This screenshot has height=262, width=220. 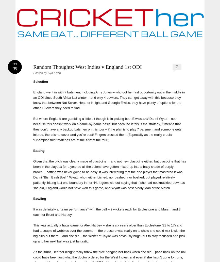 What do you see at coordinates (40, 81) in the screenshot?
I see `'Selection'` at bounding box center [40, 81].